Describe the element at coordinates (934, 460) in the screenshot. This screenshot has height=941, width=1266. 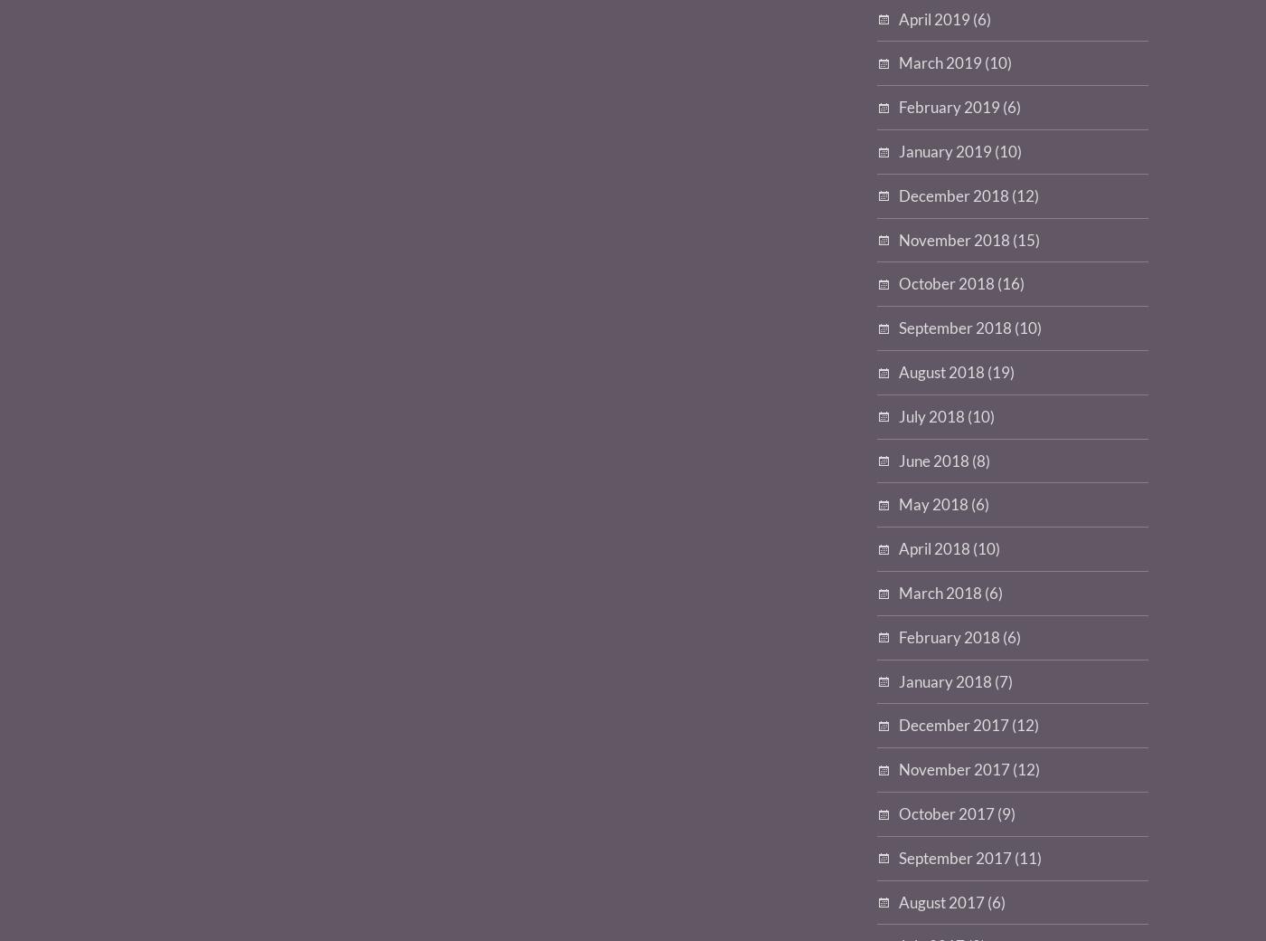
I see `'June 2018'` at that location.